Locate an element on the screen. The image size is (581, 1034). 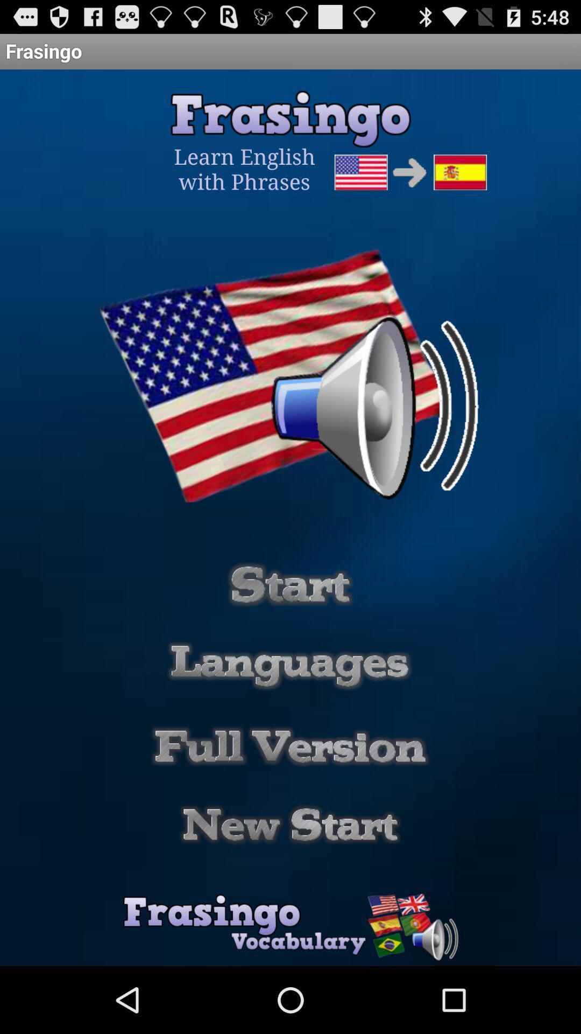
full version is located at coordinates (290, 746).